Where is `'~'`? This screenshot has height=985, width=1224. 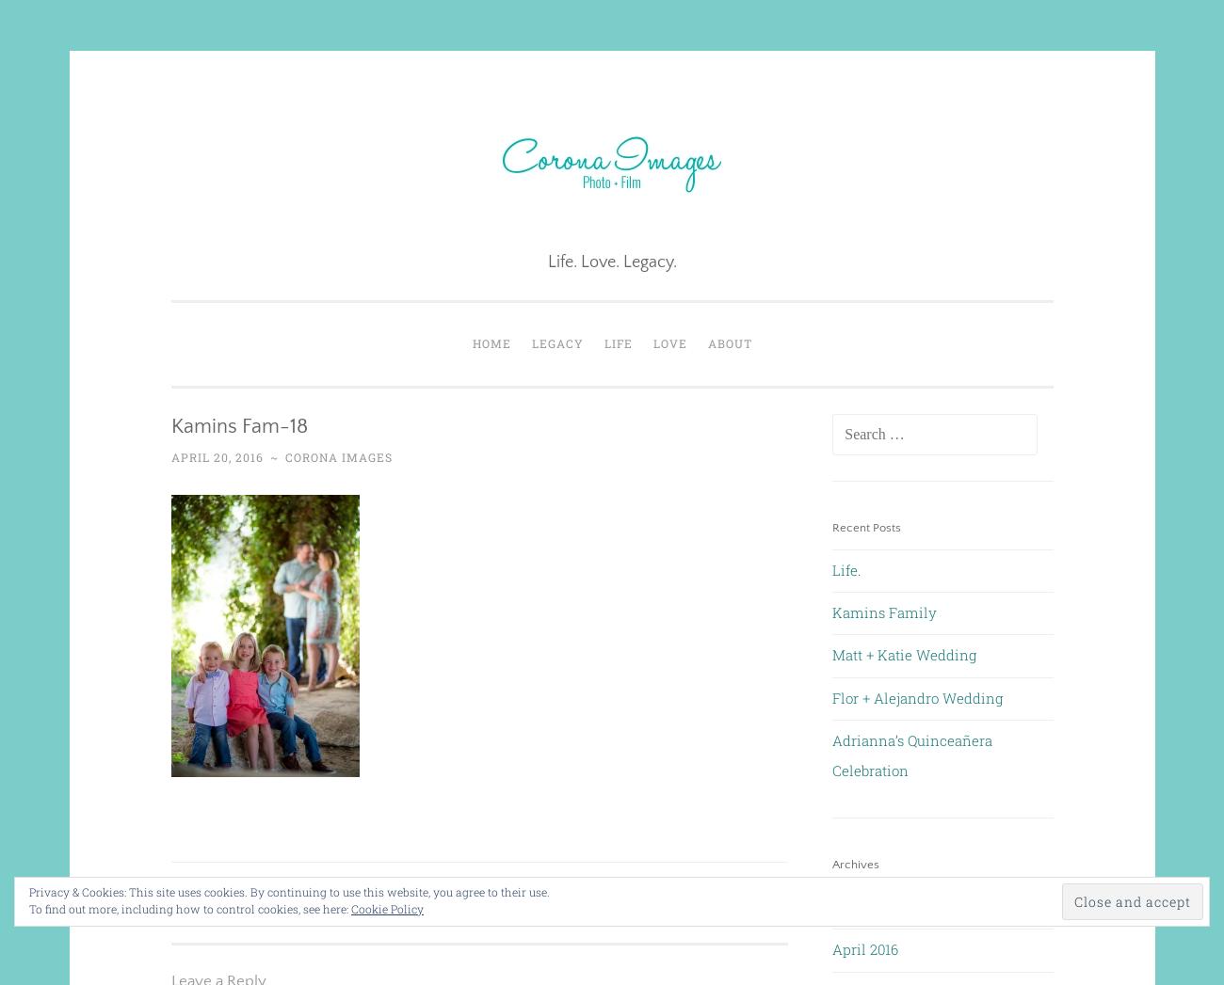
'~' is located at coordinates (273, 454).